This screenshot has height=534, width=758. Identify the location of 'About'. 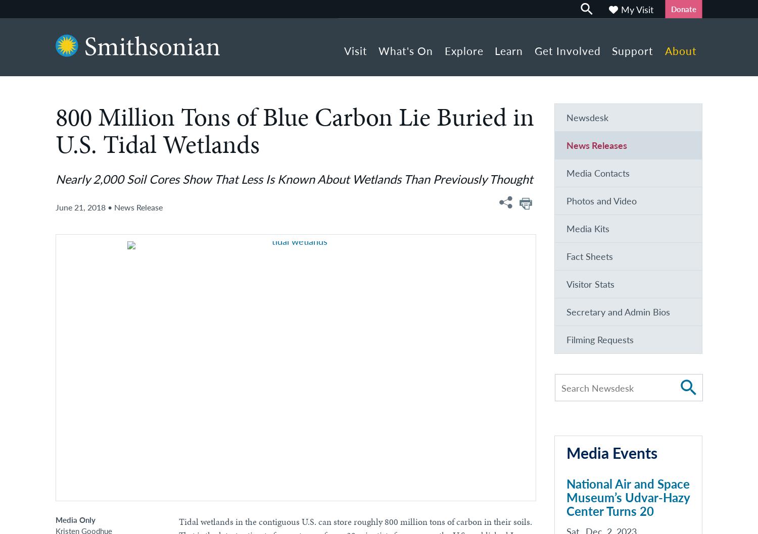
(680, 50).